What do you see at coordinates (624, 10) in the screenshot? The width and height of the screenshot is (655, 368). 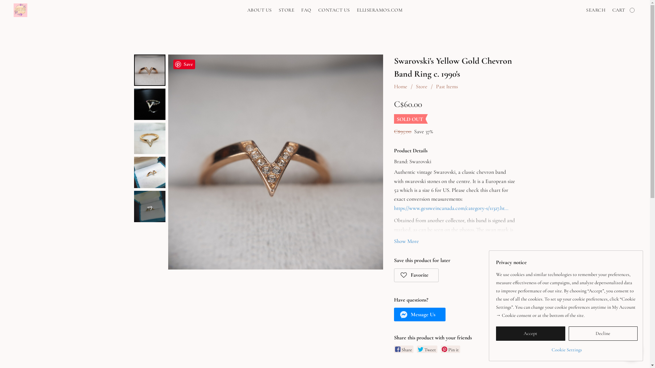 I see `'CART'` at bounding box center [624, 10].